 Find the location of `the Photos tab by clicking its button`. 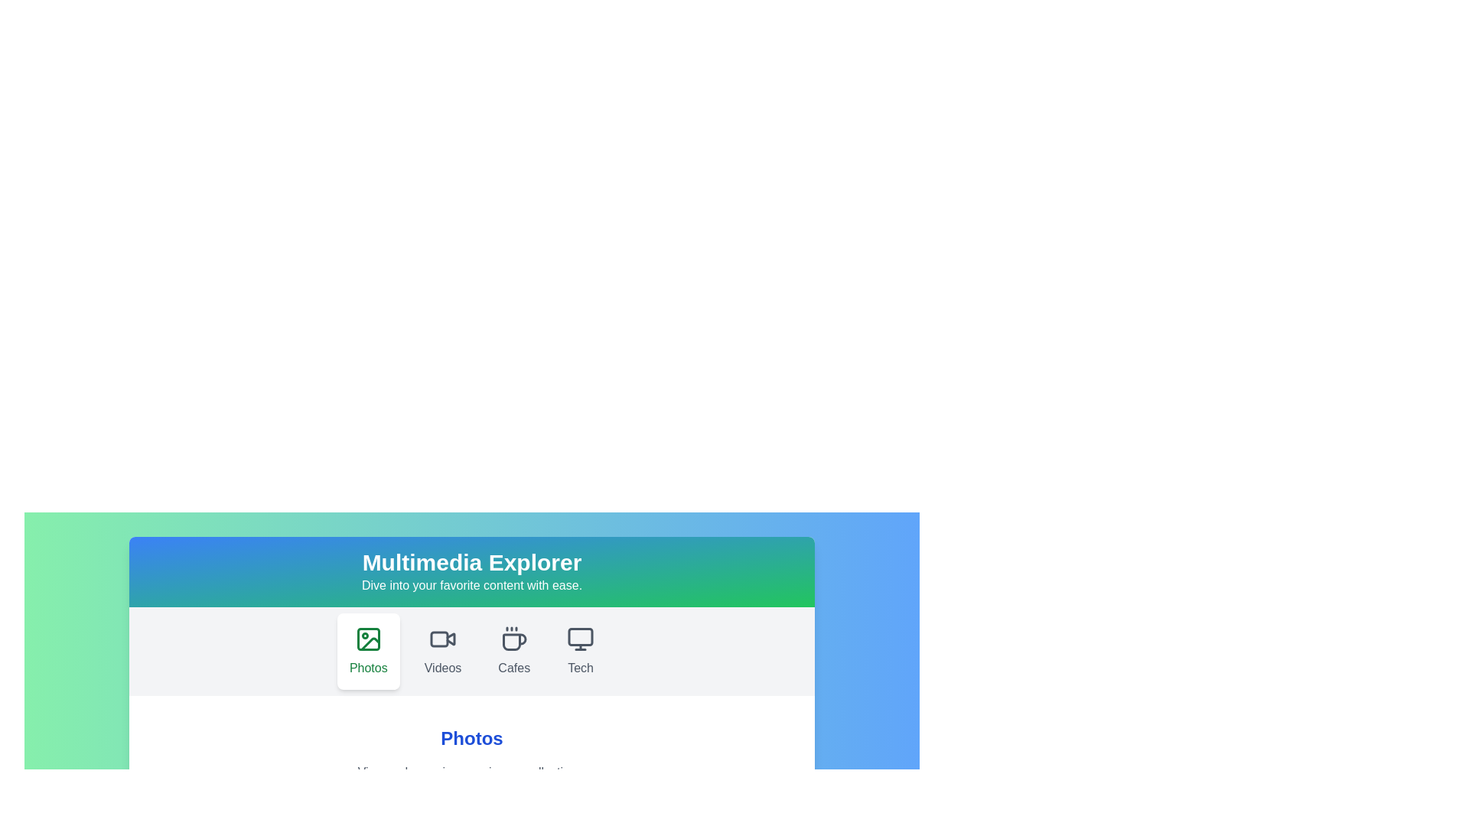

the Photos tab by clicking its button is located at coordinates (368, 652).